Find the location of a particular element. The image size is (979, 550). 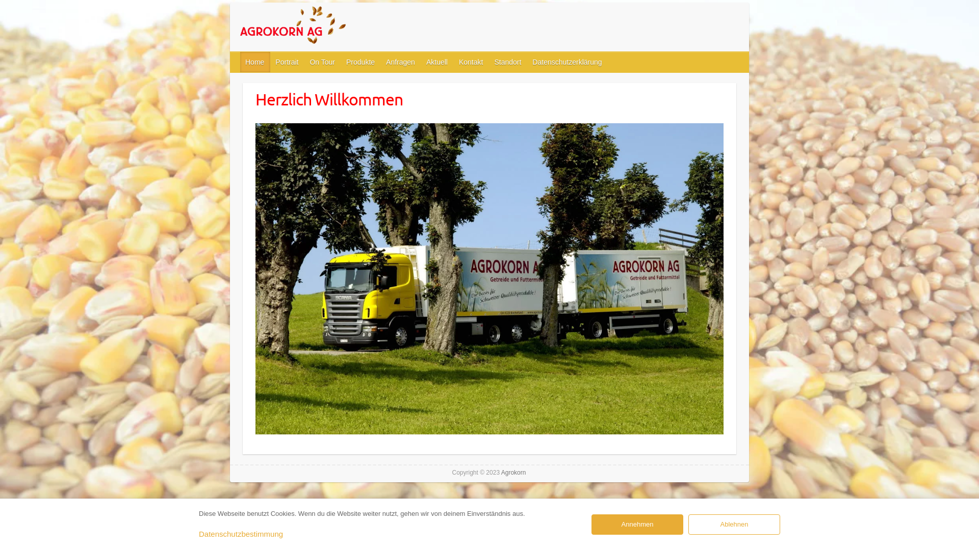

'Standort' is located at coordinates (508, 62).